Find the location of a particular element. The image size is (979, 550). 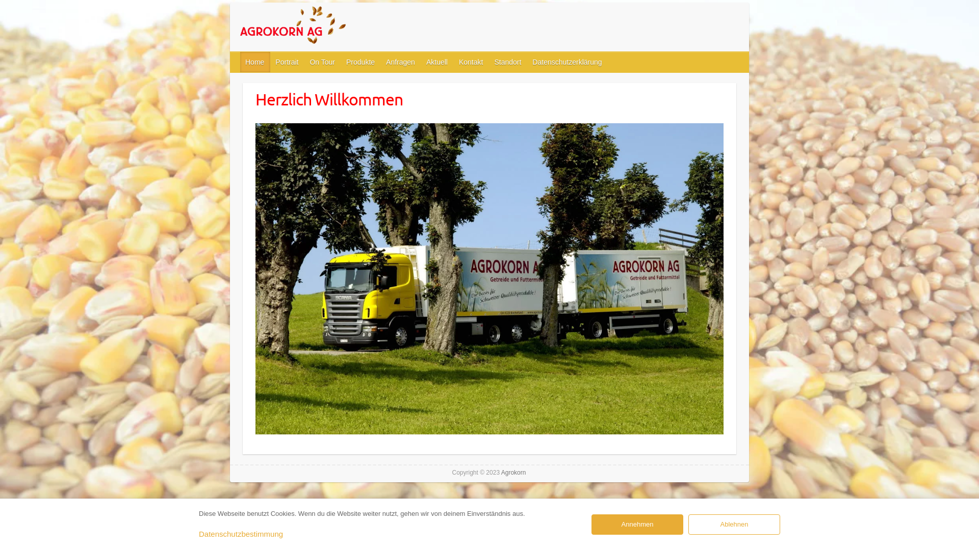

'Standort' is located at coordinates (508, 62).